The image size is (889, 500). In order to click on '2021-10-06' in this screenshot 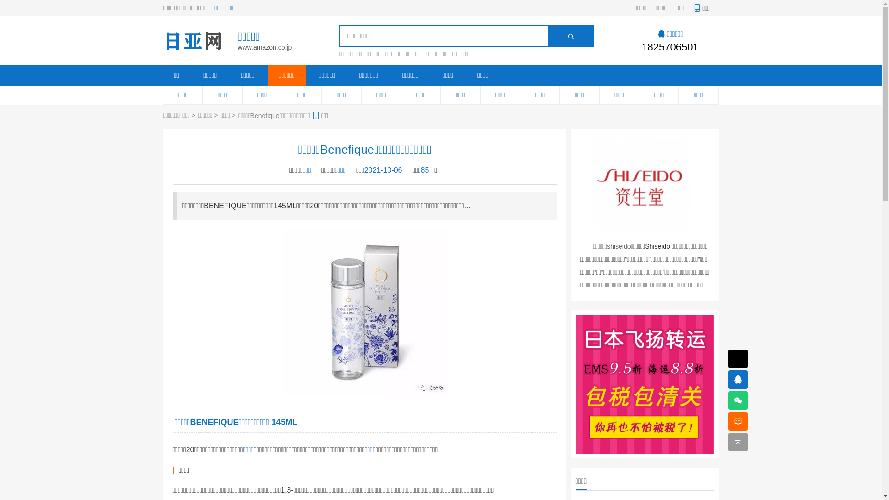, I will do `click(383, 170)`.